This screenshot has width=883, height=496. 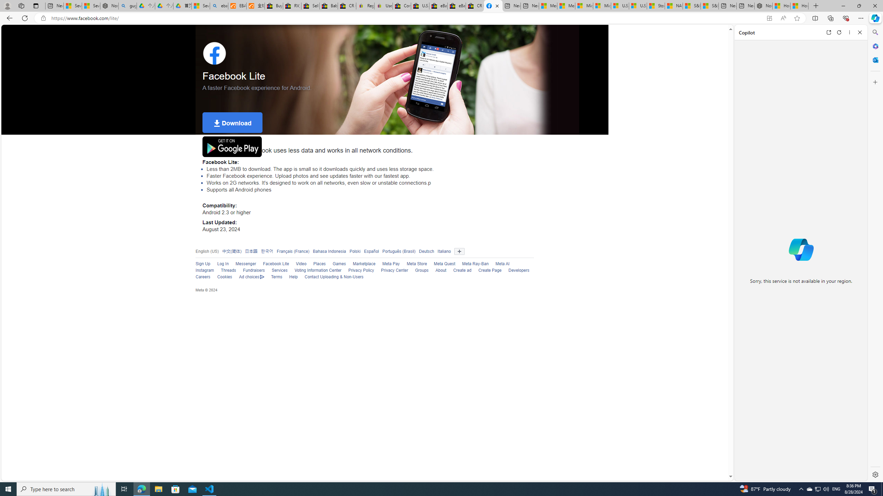 I want to click on 'Tab actions menu', so click(x=35, y=6).